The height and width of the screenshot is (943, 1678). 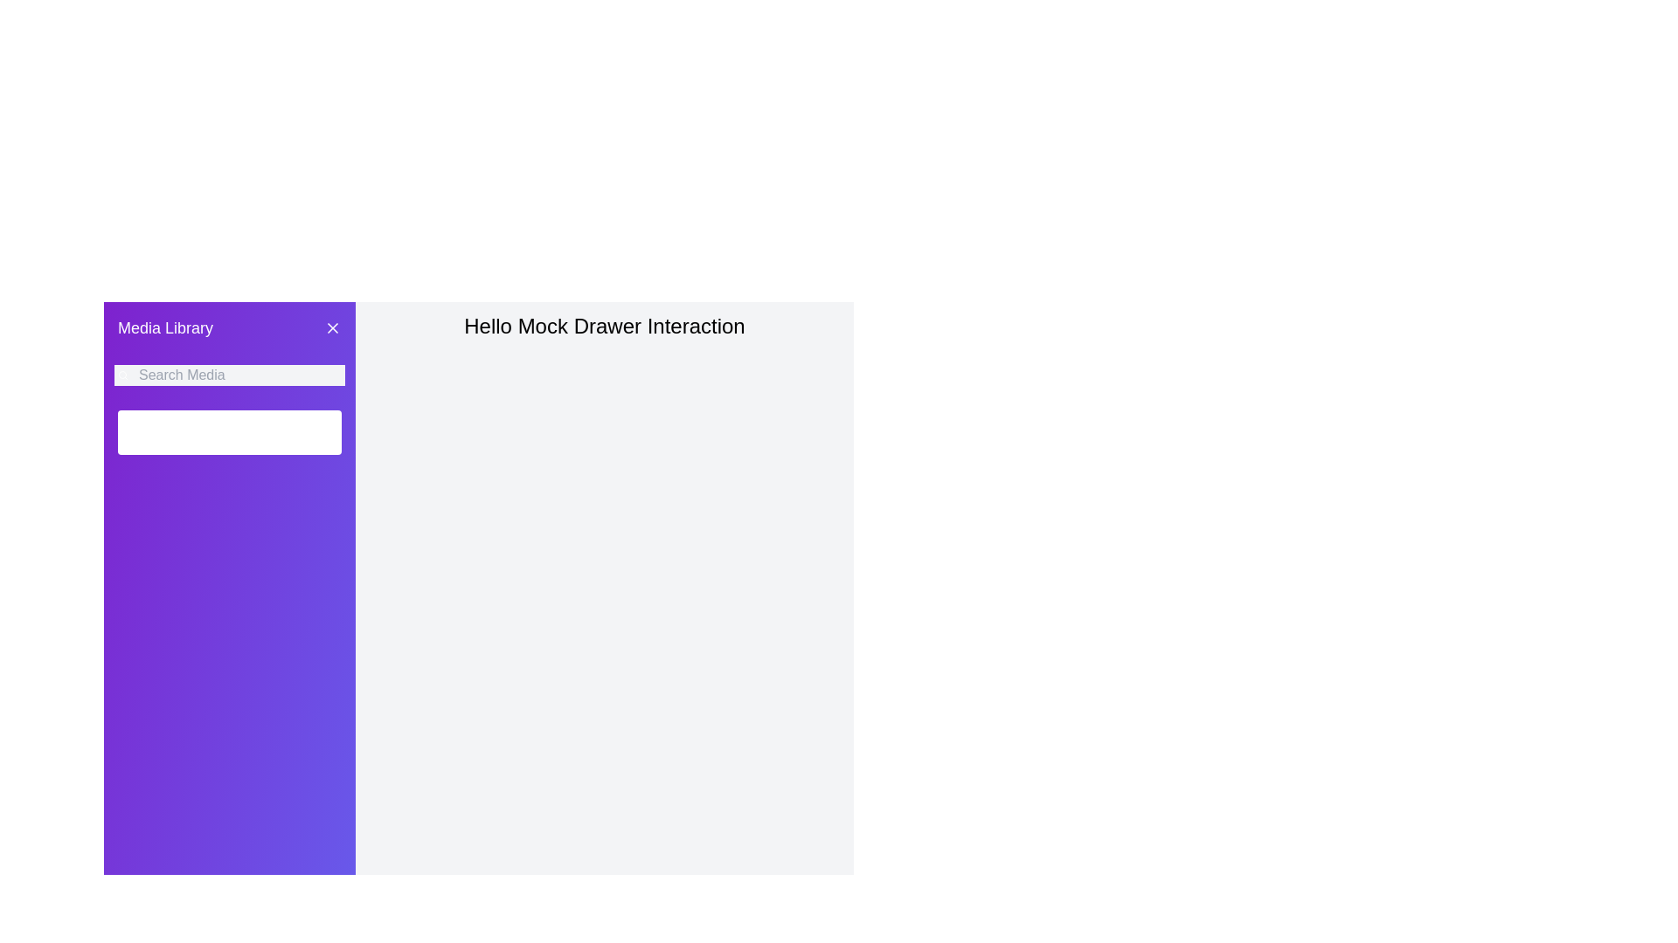 What do you see at coordinates (332, 327) in the screenshot?
I see `the diagonal line of the 'X' icon located in the top-right corner of the purple sidebar` at bounding box center [332, 327].